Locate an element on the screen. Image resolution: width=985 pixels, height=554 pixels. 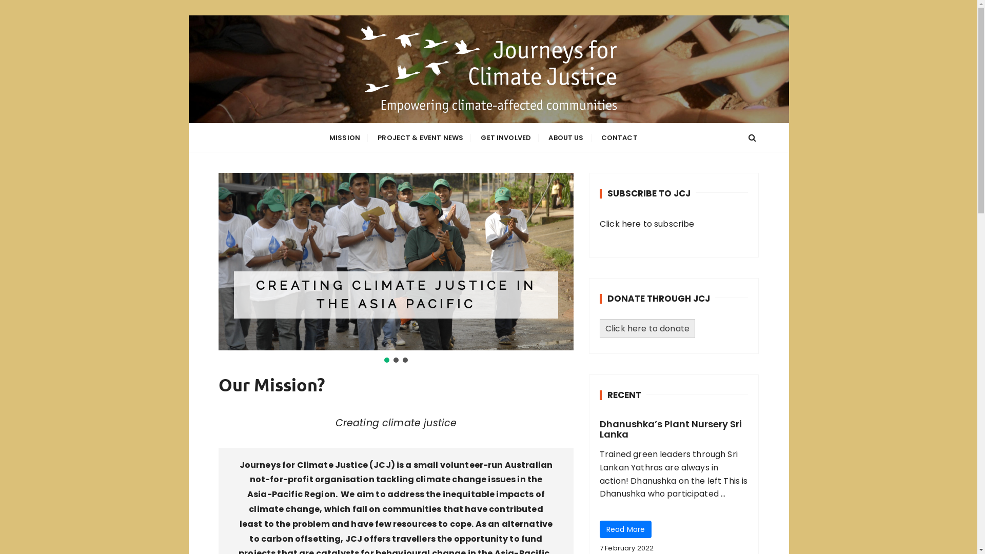
'ABOUT US' is located at coordinates (565, 137).